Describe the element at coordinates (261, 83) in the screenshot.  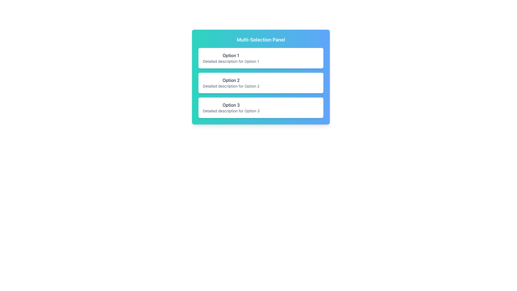
I see `the second item in the list within the 'Multi-Selection Panel'` at that location.